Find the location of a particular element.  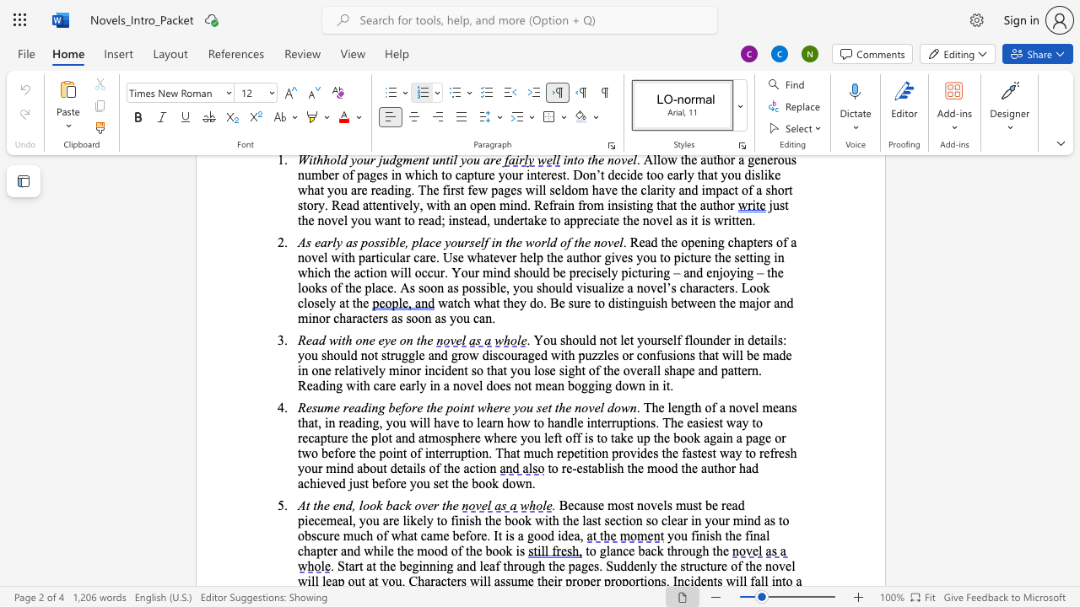

the 5th character "o" in the text is located at coordinates (617, 407).